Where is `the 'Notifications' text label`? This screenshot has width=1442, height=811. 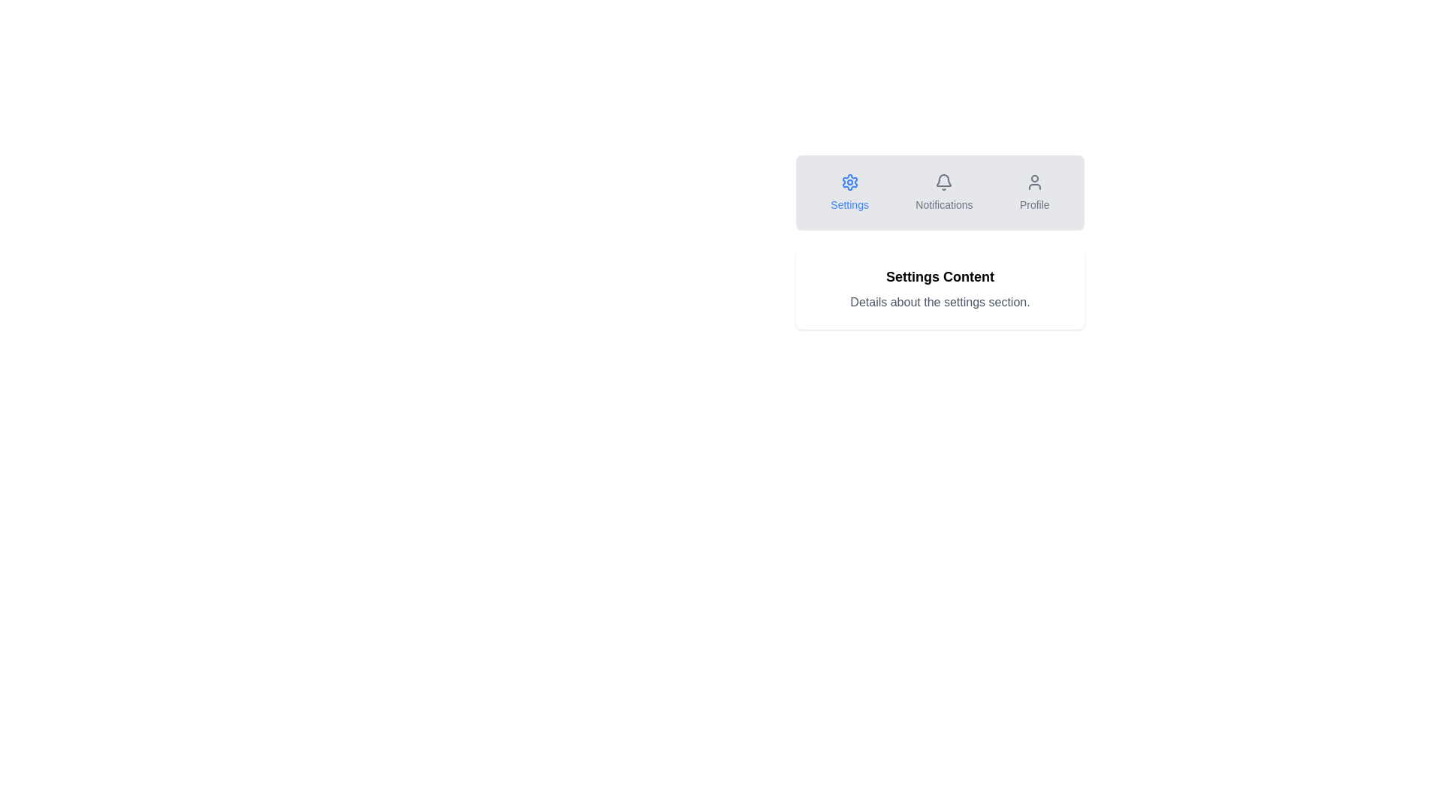 the 'Notifications' text label is located at coordinates (943, 205).